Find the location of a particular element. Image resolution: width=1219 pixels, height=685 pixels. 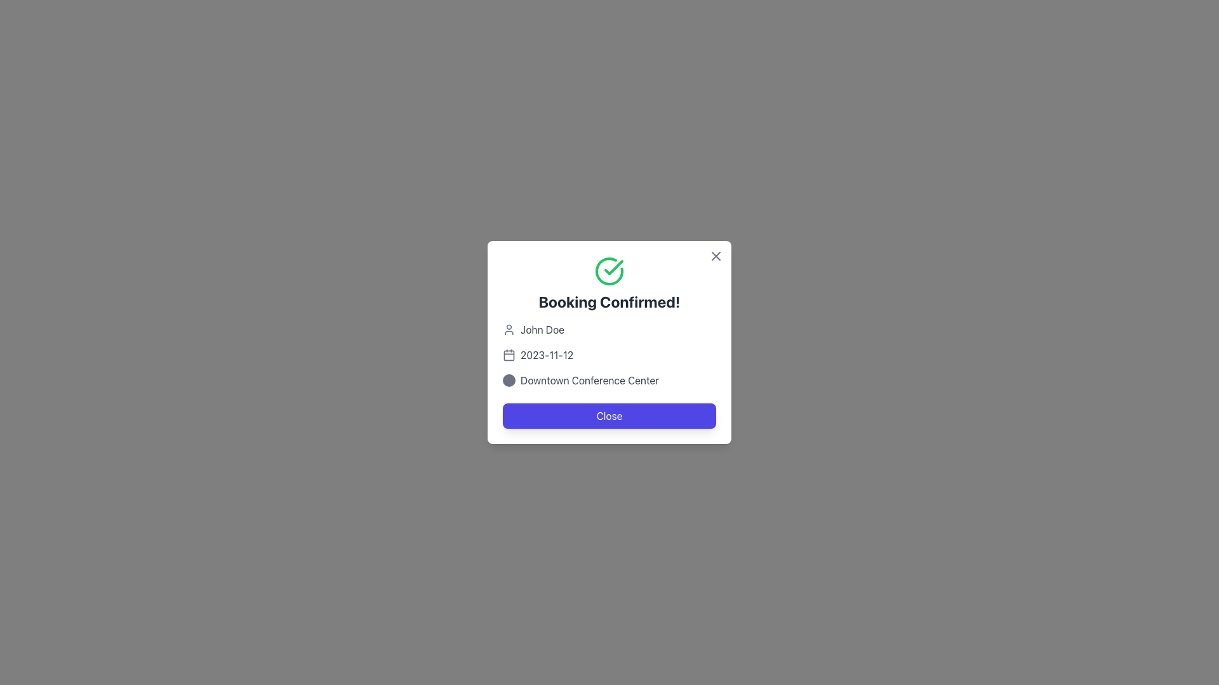

the close button in the top-right corner of the modal window is located at coordinates (716, 256).